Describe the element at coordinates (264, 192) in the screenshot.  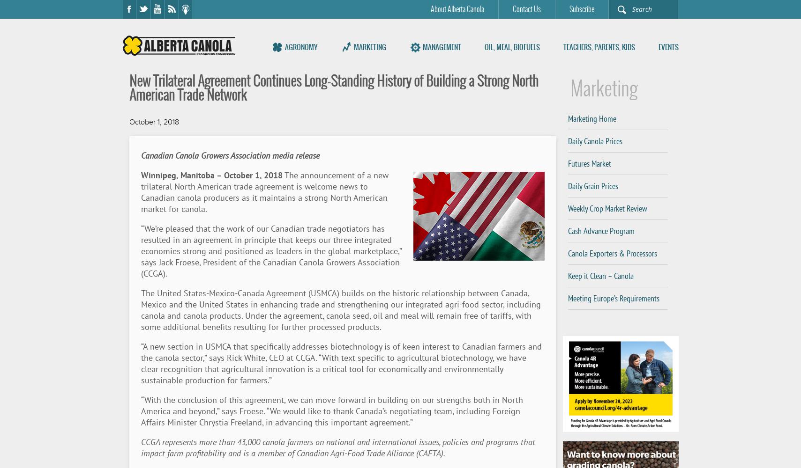
I see `'The announcement of a new trilateral North American trade agreement is welcome news to Canadian canola producers as it maintains a strong North American market for canola.'` at that location.